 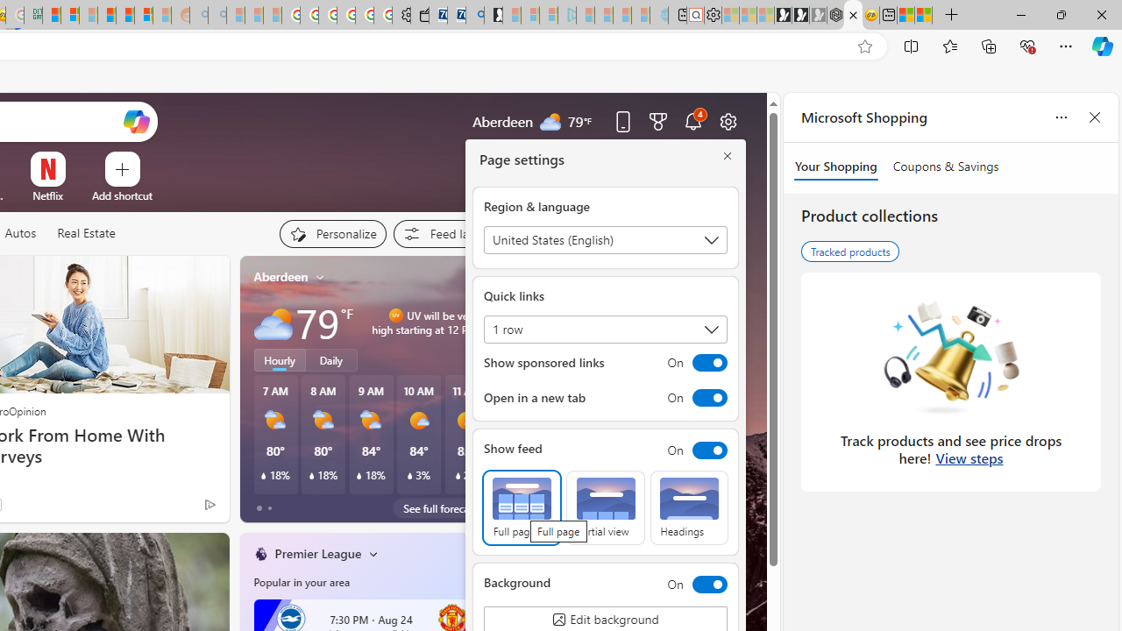 I want to click on 'Expert Portfolios', so click(x=105, y=15).